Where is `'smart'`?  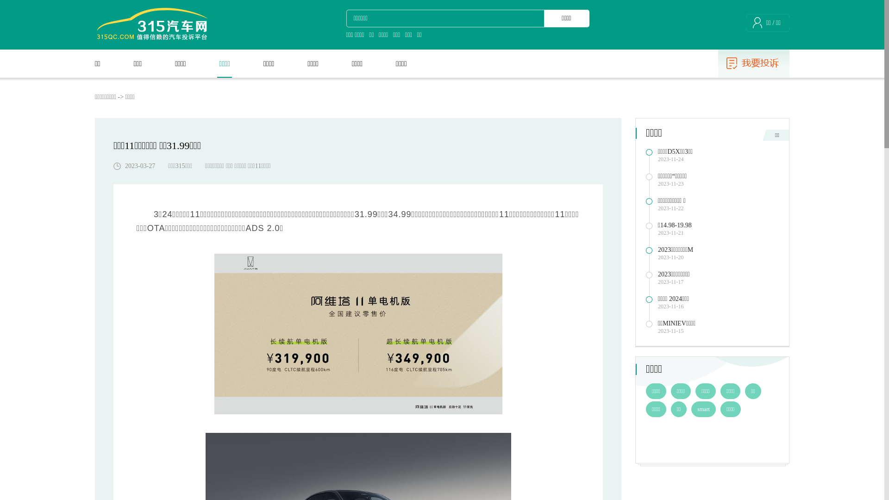
'smart' is located at coordinates (703, 408).